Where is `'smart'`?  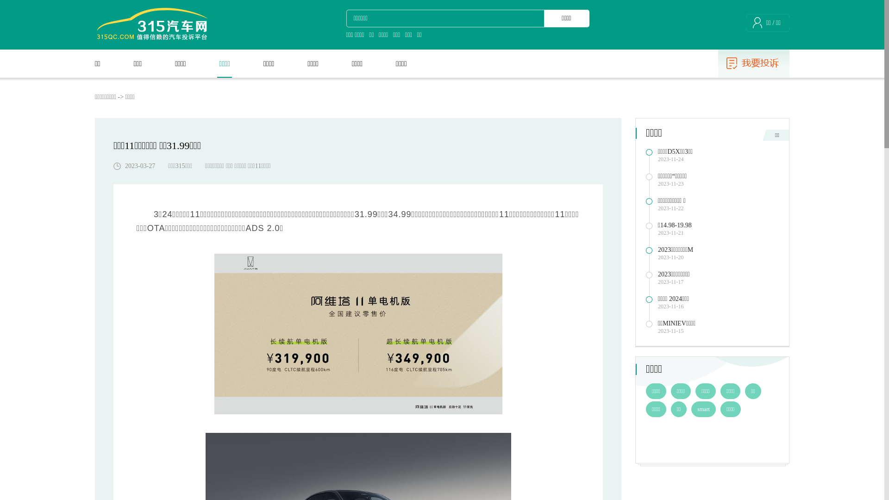
'smart' is located at coordinates (703, 408).